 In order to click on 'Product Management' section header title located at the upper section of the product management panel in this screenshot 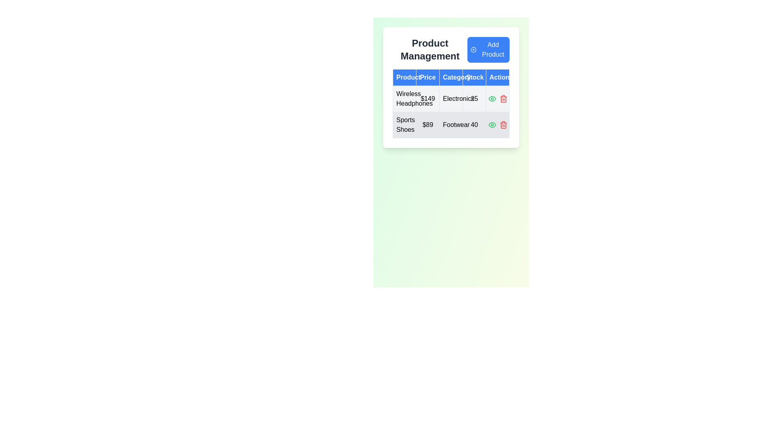, I will do `click(451, 49)`.